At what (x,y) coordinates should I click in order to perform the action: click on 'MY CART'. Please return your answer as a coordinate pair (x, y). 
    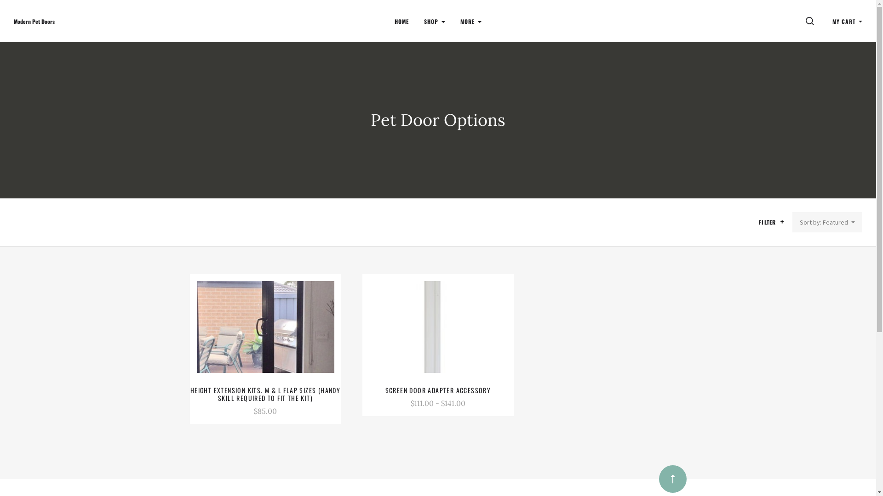
    Looking at the image, I should click on (847, 21).